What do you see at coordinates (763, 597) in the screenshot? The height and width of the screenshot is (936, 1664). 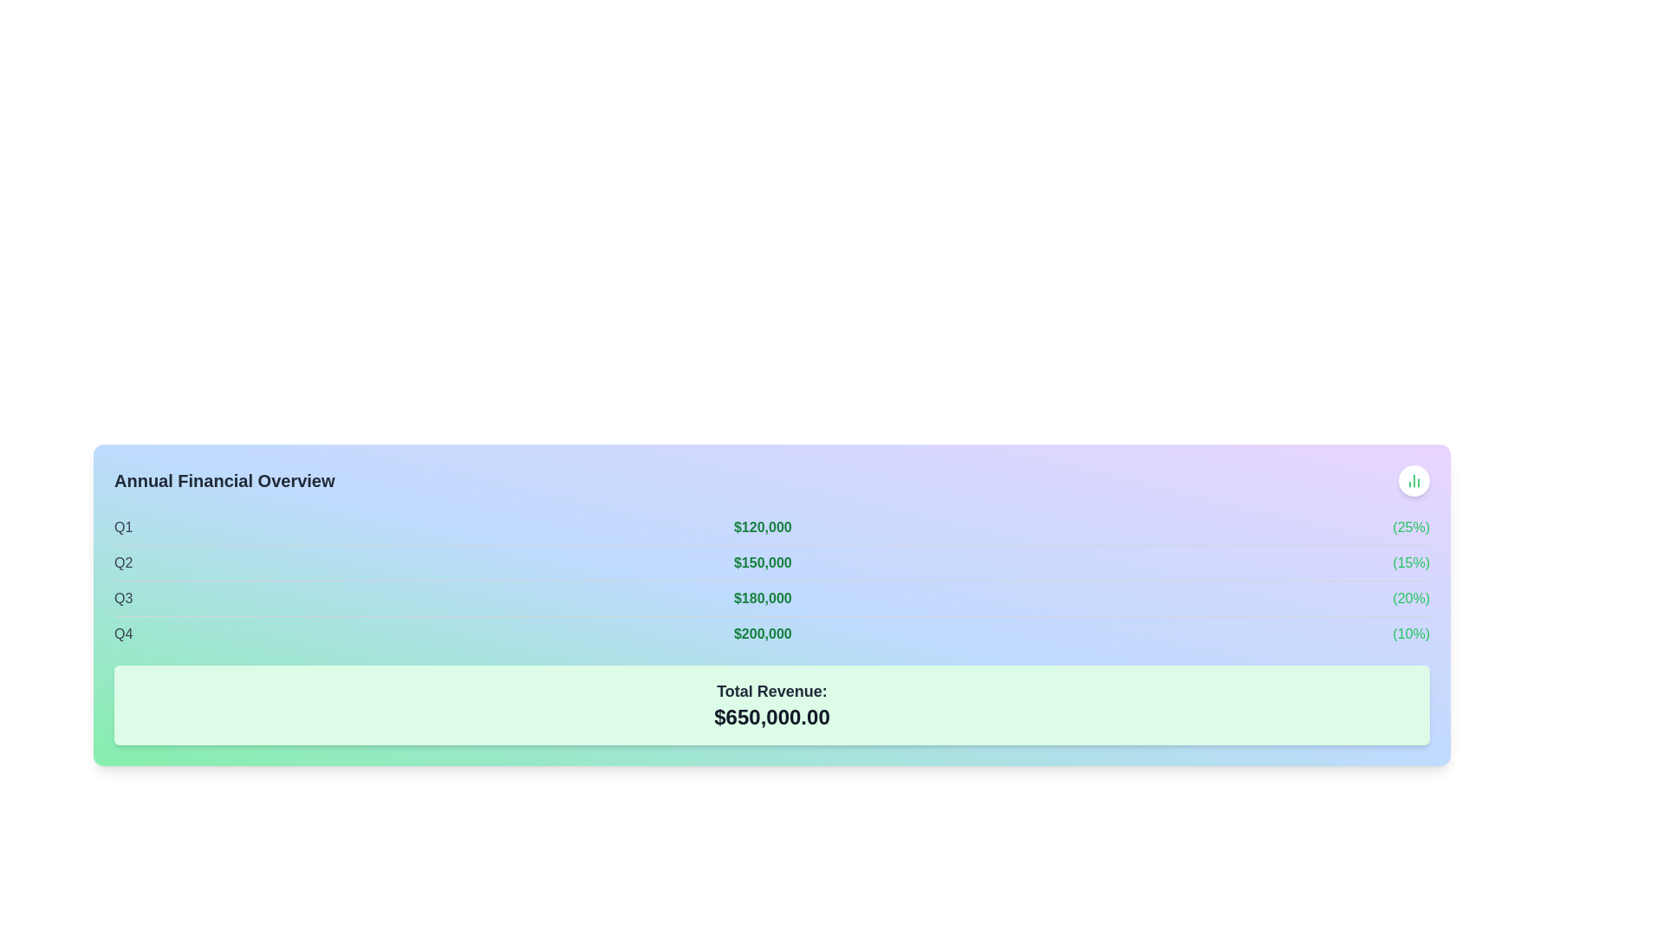 I see `financial value text label associated with the 'Q3' label, which is located in the third row of a table-like structure, centrally positioned between a textual label on the left and a percentage on the right` at bounding box center [763, 597].